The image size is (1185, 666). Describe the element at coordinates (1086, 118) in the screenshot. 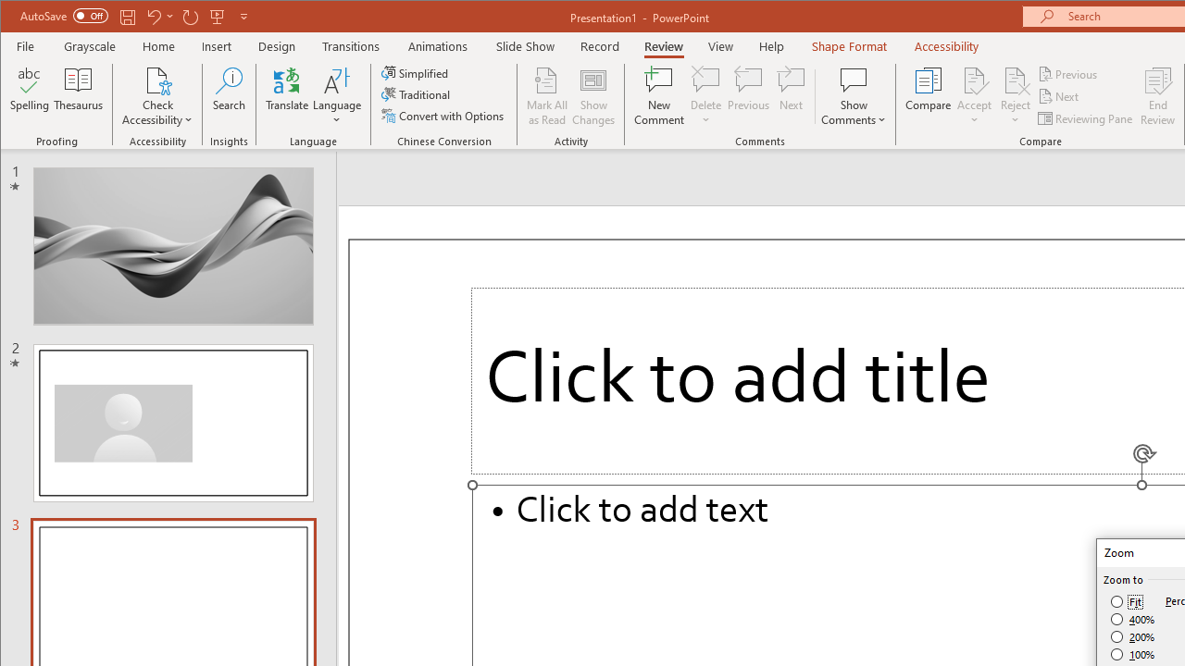

I see `'Reviewing Pane'` at that location.